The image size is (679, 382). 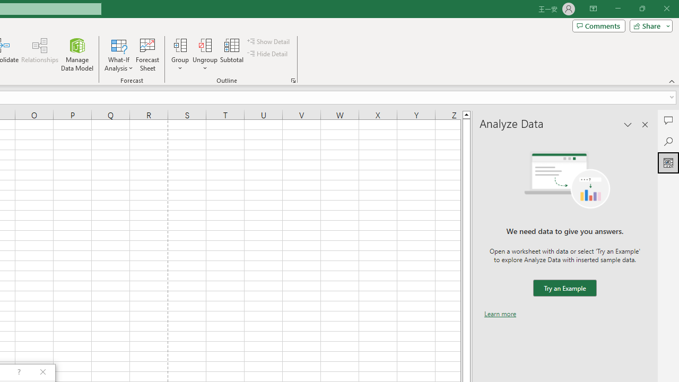 What do you see at coordinates (645, 124) in the screenshot?
I see `'Close pane'` at bounding box center [645, 124].